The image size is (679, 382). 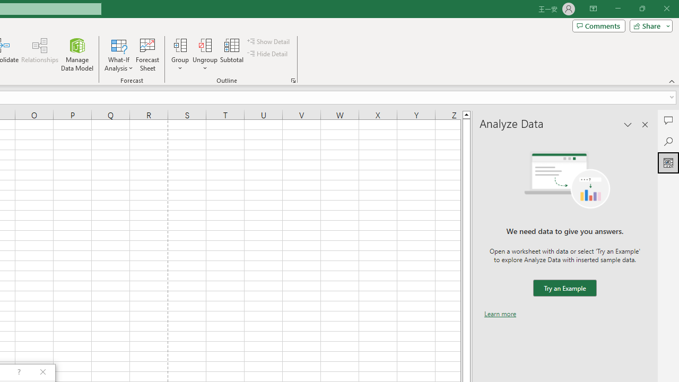 What do you see at coordinates (645, 124) in the screenshot?
I see `'Close pane'` at bounding box center [645, 124].